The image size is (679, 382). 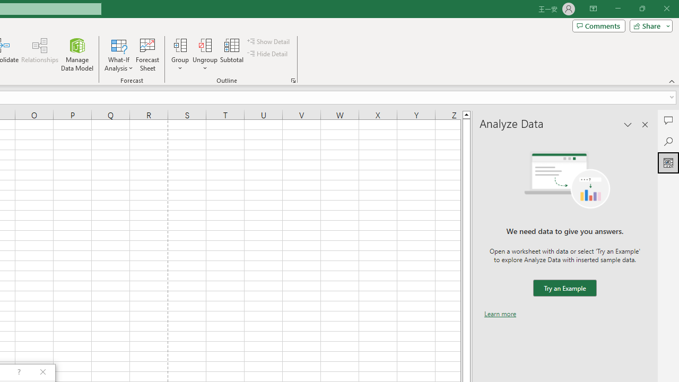 What do you see at coordinates (645, 124) in the screenshot?
I see `'Close pane'` at bounding box center [645, 124].